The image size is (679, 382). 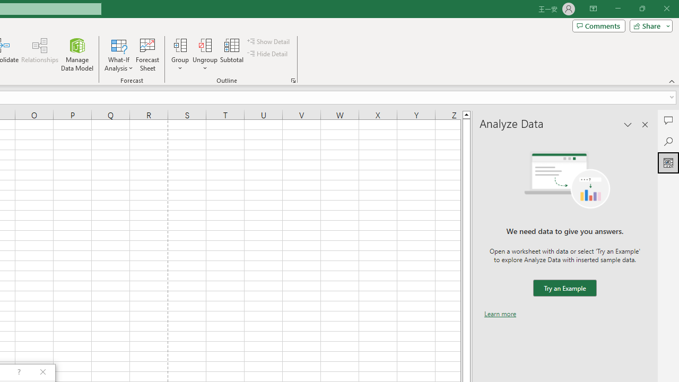 What do you see at coordinates (645, 124) in the screenshot?
I see `'Close pane'` at bounding box center [645, 124].